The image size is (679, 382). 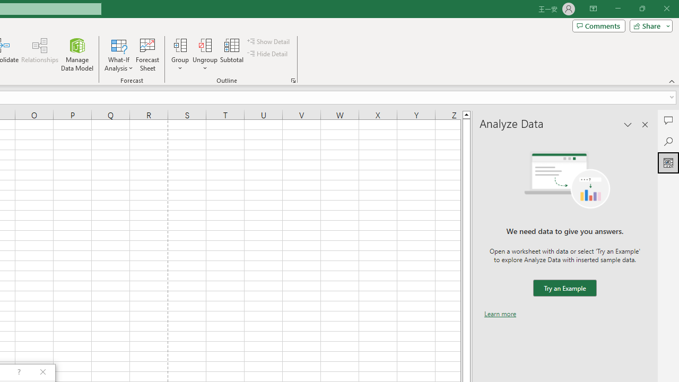 What do you see at coordinates (645, 124) in the screenshot?
I see `'Close pane'` at bounding box center [645, 124].